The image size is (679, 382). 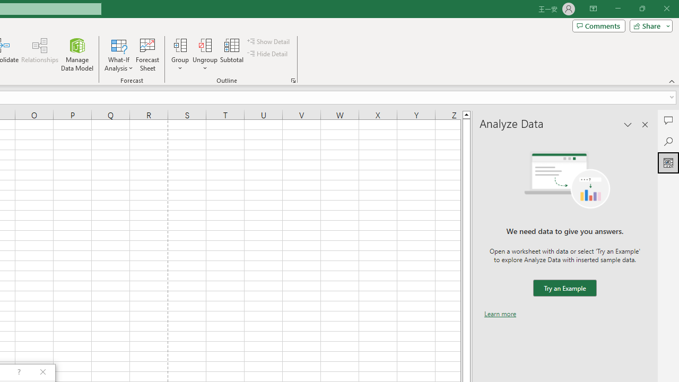 What do you see at coordinates (645, 124) in the screenshot?
I see `'Close pane'` at bounding box center [645, 124].